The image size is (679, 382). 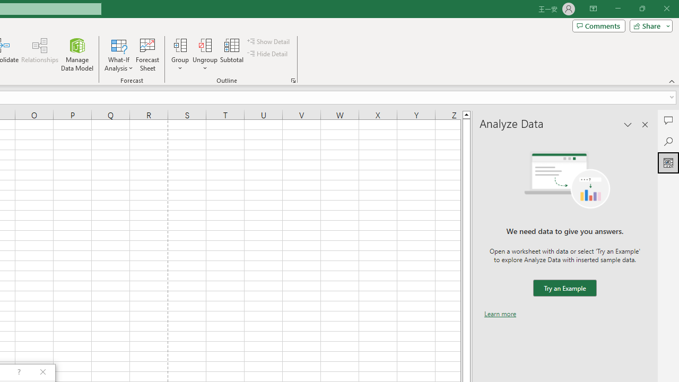 What do you see at coordinates (645, 124) in the screenshot?
I see `'Close pane'` at bounding box center [645, 124].